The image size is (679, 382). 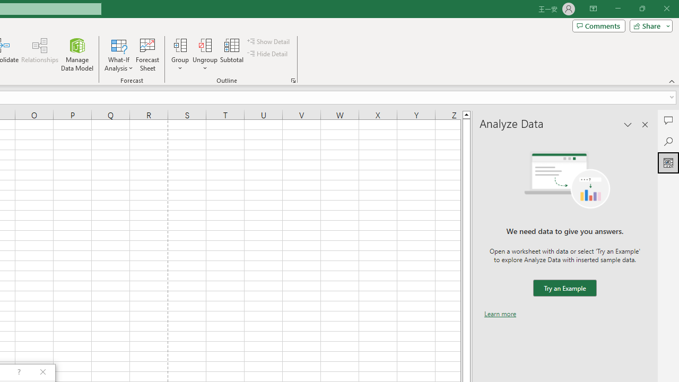 What do you see at coordinates (645, 124) in the screenshot?
I see `'Close pane'` at bounding box center [645, 124].